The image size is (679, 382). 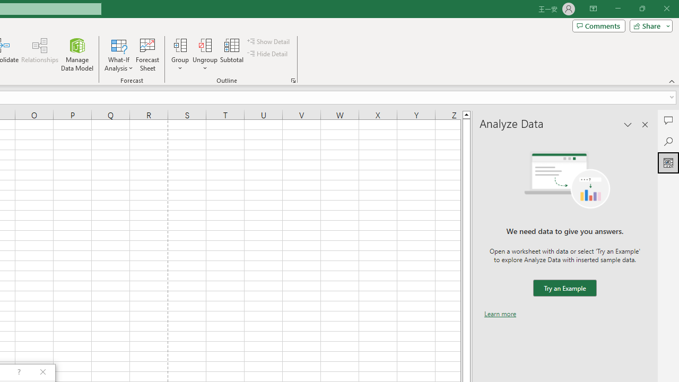 What do you see at coordinates (645, 124) in the screenshot?
I see `'Close pane'` at bounding box center [645, 124].